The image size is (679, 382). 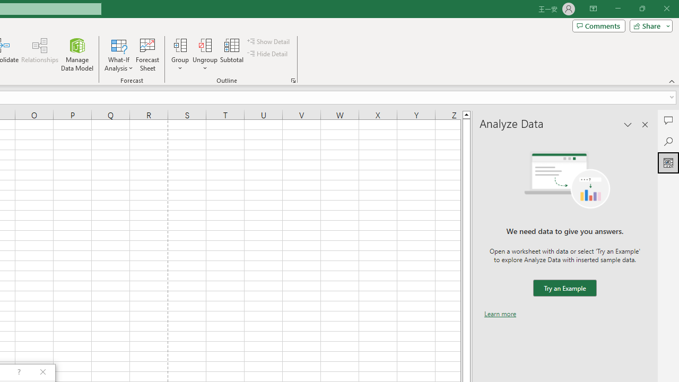 What do you see at coordinates (645, 124) in the screenshot?
I see `'Close pane'` at bounding box center [645, 124].